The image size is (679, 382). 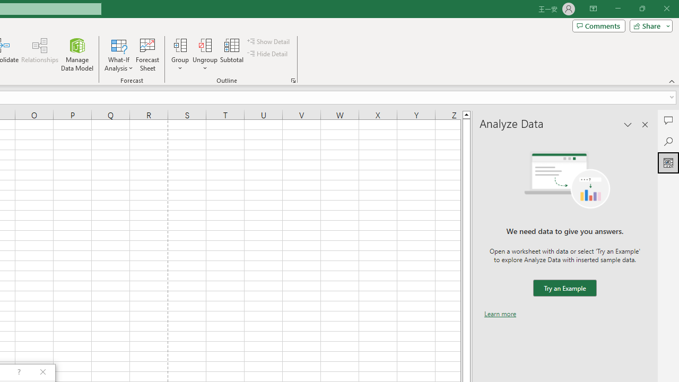 What do you see at coordinates (645, 124) in the screenshot?
I see `'Close pane'` at bounding box center [645, 124].